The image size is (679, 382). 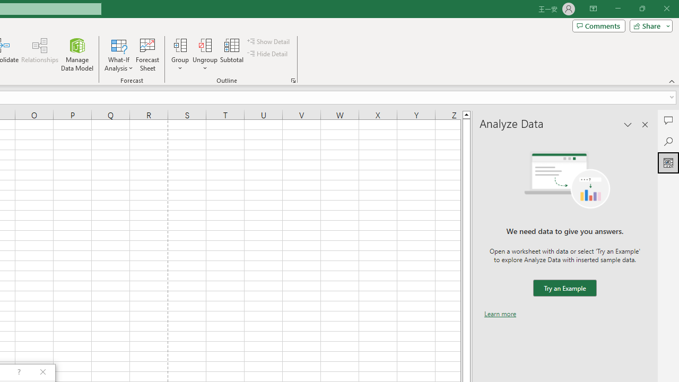 What do you see at coordinates (645, 124) in the screenshot?
I see `'Close pane'` at bounding box center [645, 124].